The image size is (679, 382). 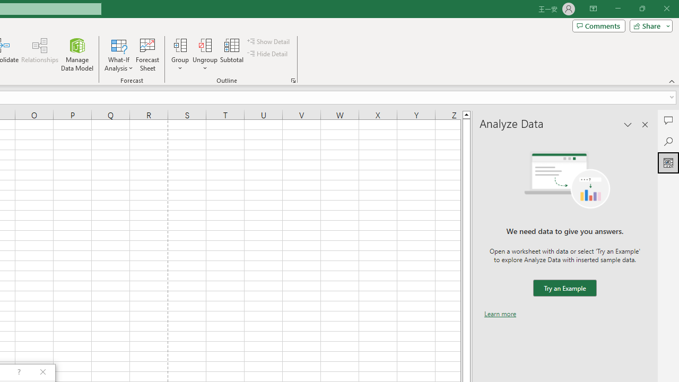 What do you see at coordinates (645, 124) in the screenshot?
I see `'Close pane'` at bounding box center [645, 124].